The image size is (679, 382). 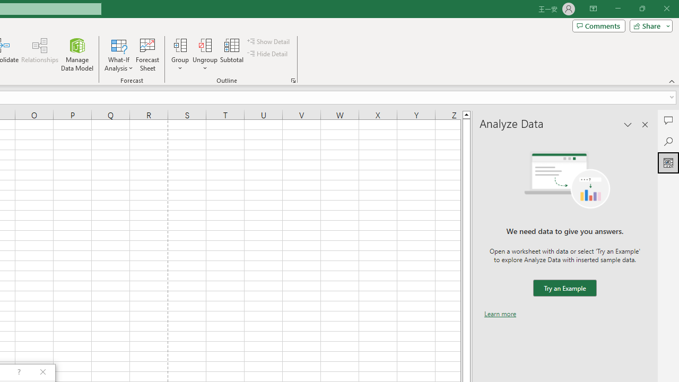 What do you see at coordinates (645, 124) in the screenshot?
I see `'Close pane'` at bounding box center [645, 124].